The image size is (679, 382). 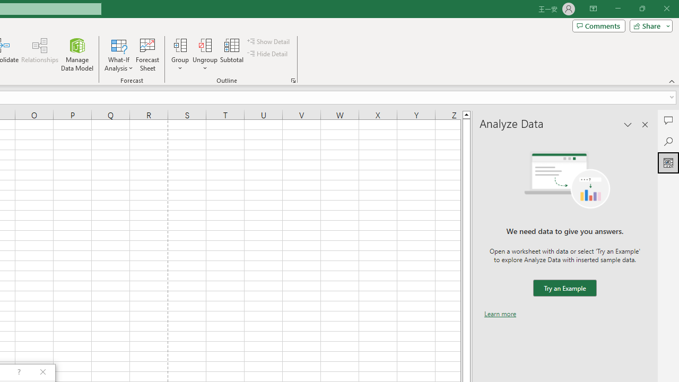 What do you see at coordinates (645, 124) in the screenshot?
I see `'Close pane'` at bounding box center [645, 124].